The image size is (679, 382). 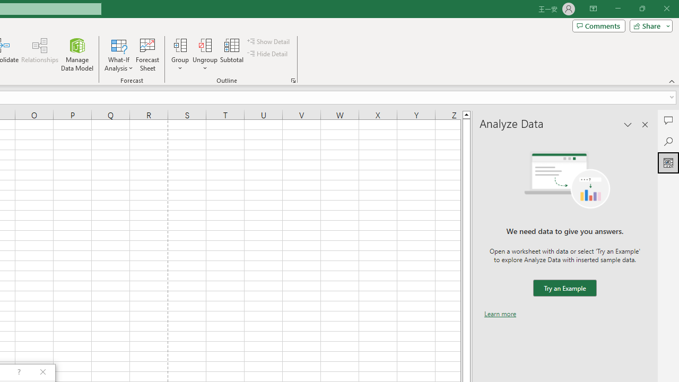 What do you see at coordinates (645, 124) in the screenshot?
I see `'Close pane'` at bounding box center [645, 124].